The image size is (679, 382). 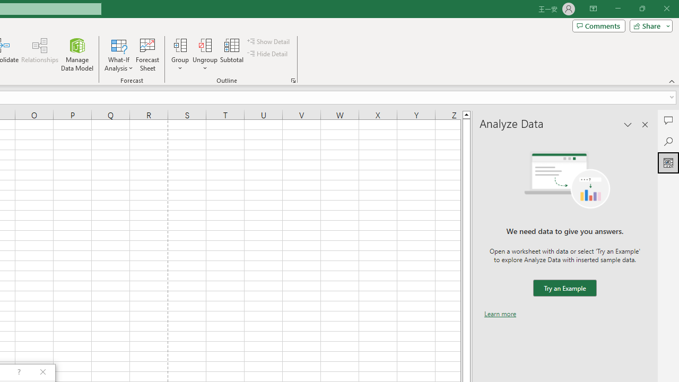 What do you see at coordinates (645, 124) in the screenshot?
I see `'Close pane'` at bounding box center [645, 124].